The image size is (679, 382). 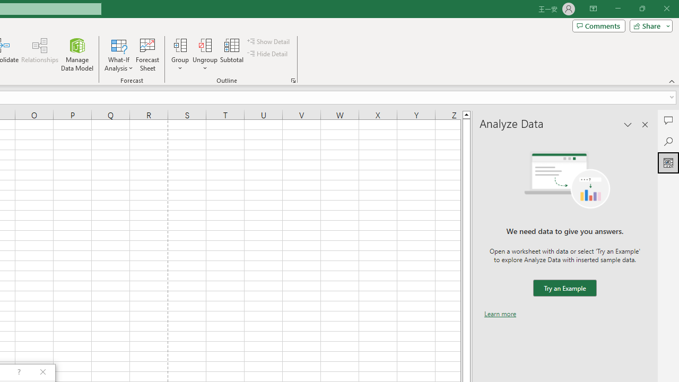 What do you see at coordinates (645, 124) in the screenshot?
I see `'Close pane'` at bounding box center [645, 124].